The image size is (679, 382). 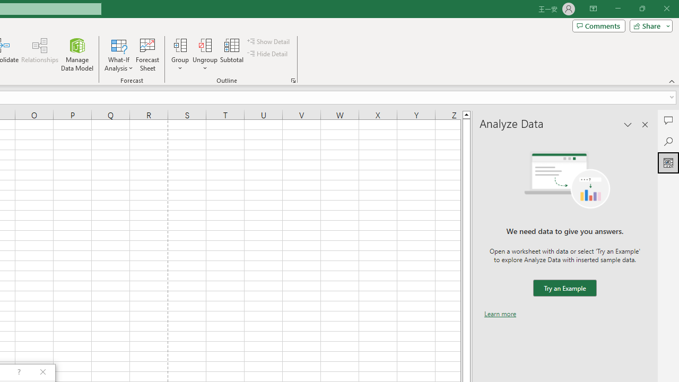 What do you see at coordinates (645, 124) in the screenshot?
I see `'Close pane'` at bounding box center [645, 124].